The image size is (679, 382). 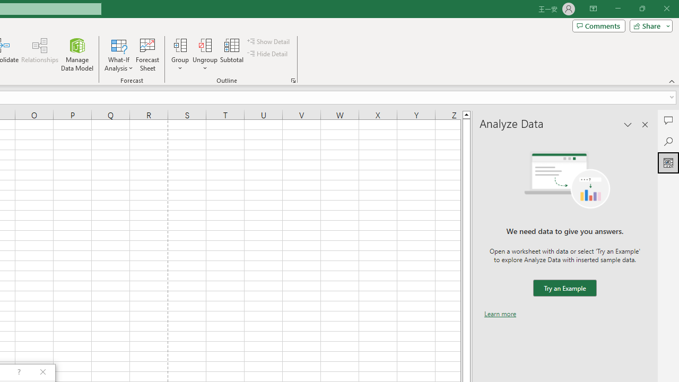 What do you see at coordinates (645, 124) in the screenshot?
I see `'Close pane'` at bounding box center [645, 124].